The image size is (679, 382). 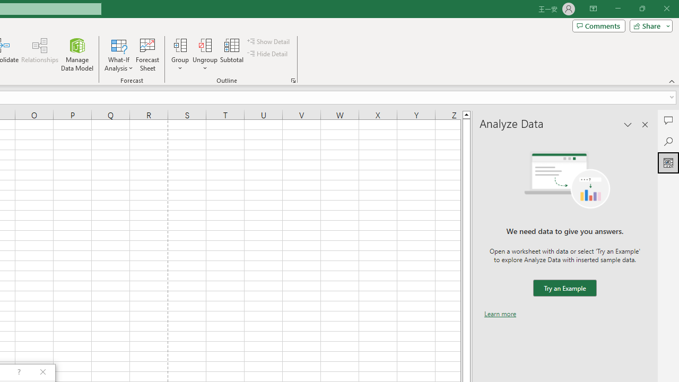 What do you see at coordinates (645, 124) in the screenshot?
I see `'Close pane'` at bounding box center [645, 124].